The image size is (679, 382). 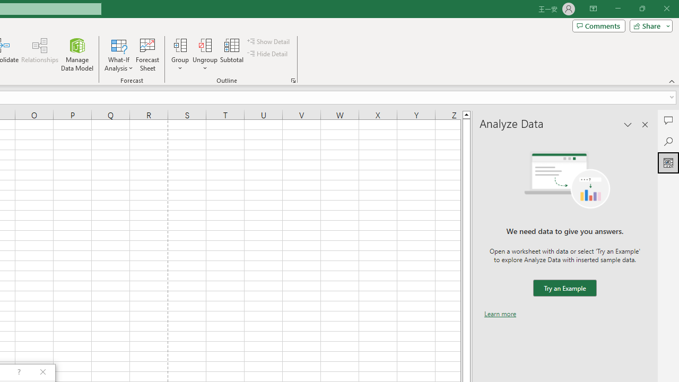 What do you see at coordinates (645, 124) in the screenshot?
I see `'Close pane'` at bounding box center [645, 124].